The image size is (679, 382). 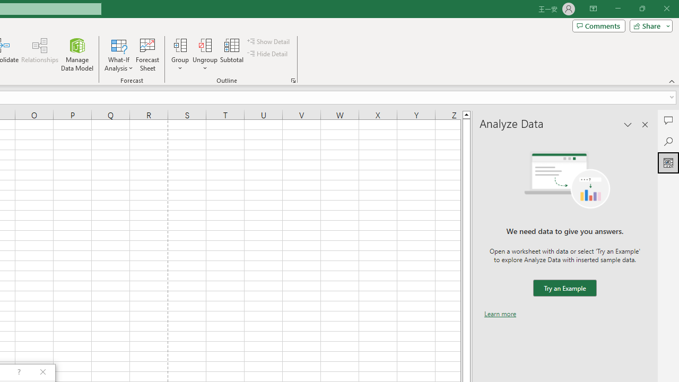 What do you see at coordinates (645, 124) in the screenshot?
I see `'Close pane'` at bounding box center [645, 124].